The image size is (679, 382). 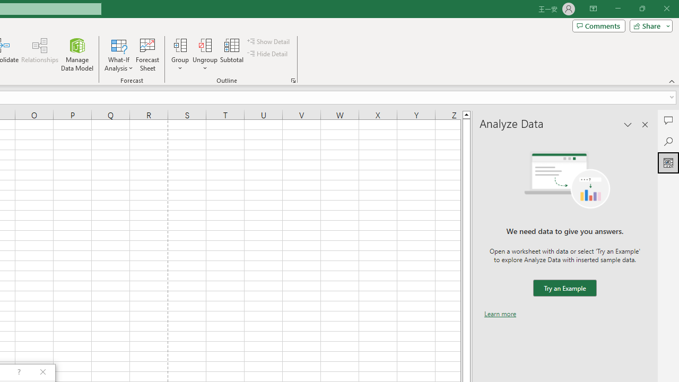 What do you see at coordinates (645, 124) in the screenshot?
I see `'Close pane'` at bounding box center [645, 124].